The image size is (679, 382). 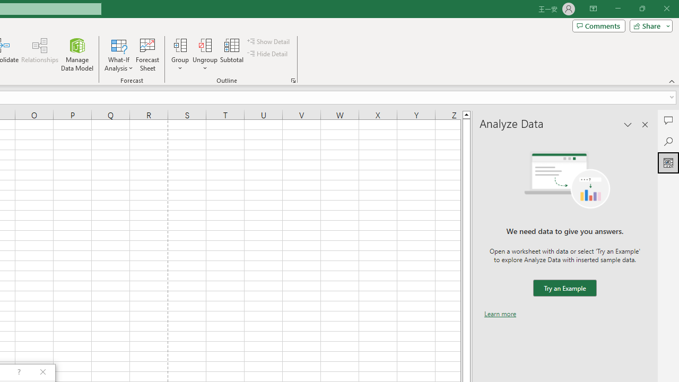 What do you see at coordinates (645, 124) in the screenshot?
I see `'Close pane'` at bounding box center [645, 124].